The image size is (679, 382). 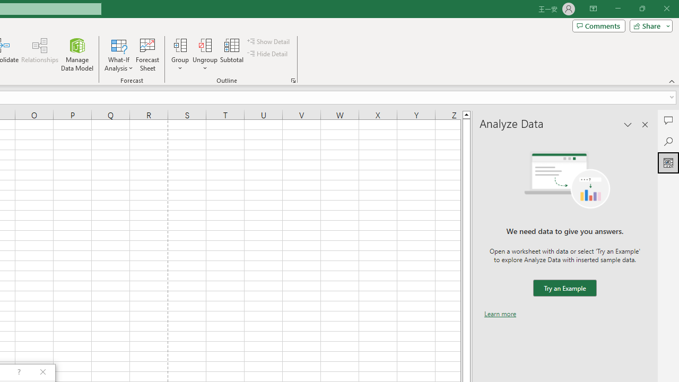 What do you see at coordinates (645, 124) in the screenshot?
I see `'Close pane'` at bounding box center [645, 124].